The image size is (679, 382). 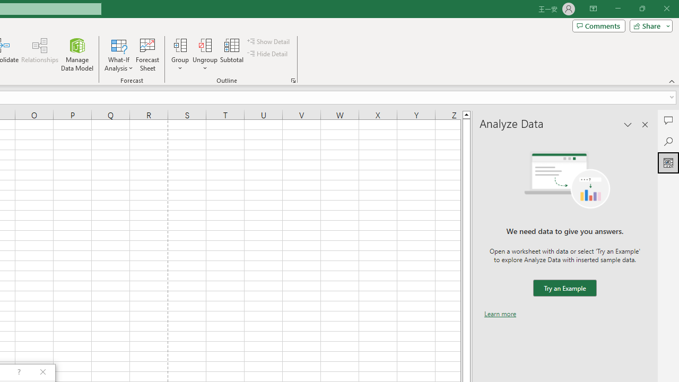 What do you see at coordinates (645, 124) in the screenshot?
I see `'Close pane'` at bounding box center [645, 124].